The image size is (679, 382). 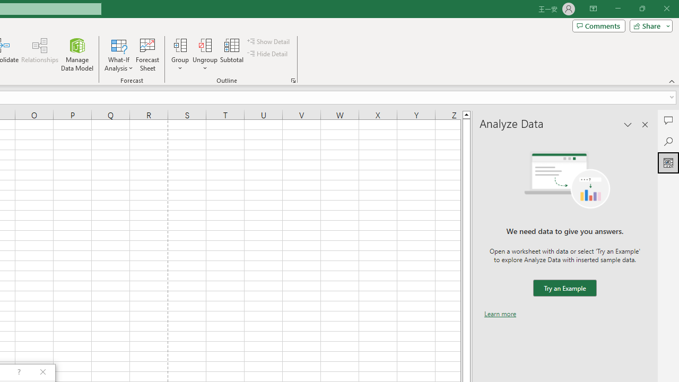 What do you see at coordinates (645, 124) in the screenshot?
I see `'Close pane'` at bounding box center [645, 124].